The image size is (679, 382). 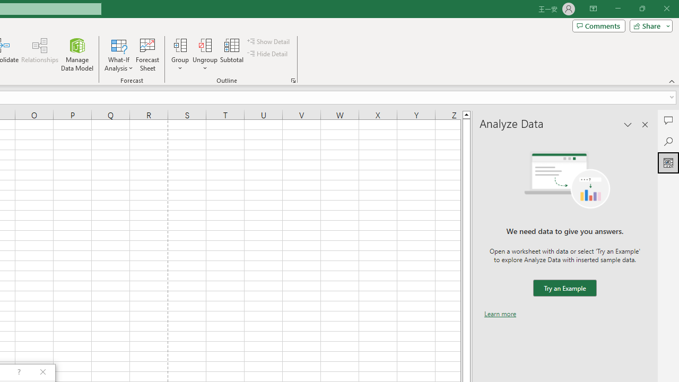 What do you see at coordinates (645, 124) in the screenshot?
I see `'Close pane'` at bounding box center [645, 124].